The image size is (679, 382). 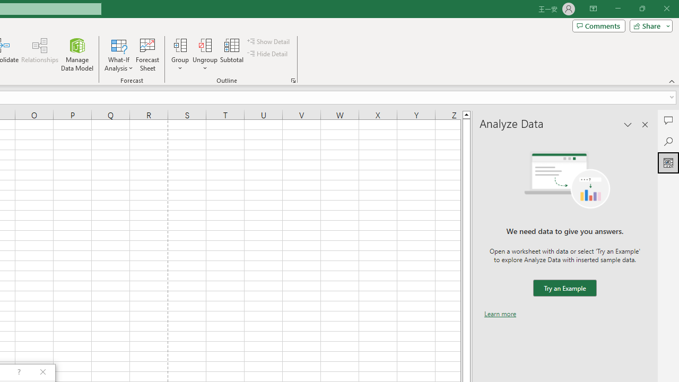 What do you see at coordinates (645, 124) in the screenshot?
I see `'Close pane'` at bounding box center [645, 124].